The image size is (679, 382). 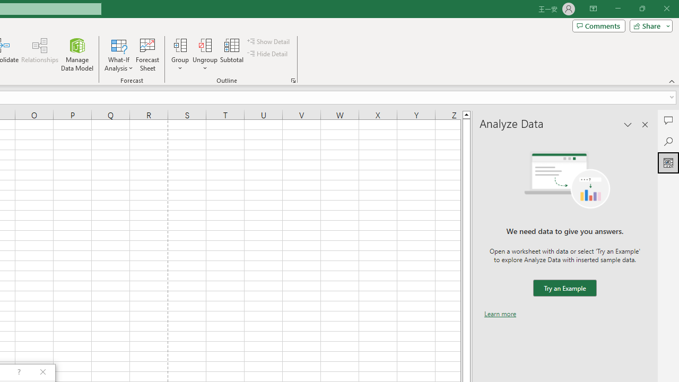 What do you see at coordinates (645, 124) in the screenshot?
I see `'Close pane'` at bounding box center [645, 124].